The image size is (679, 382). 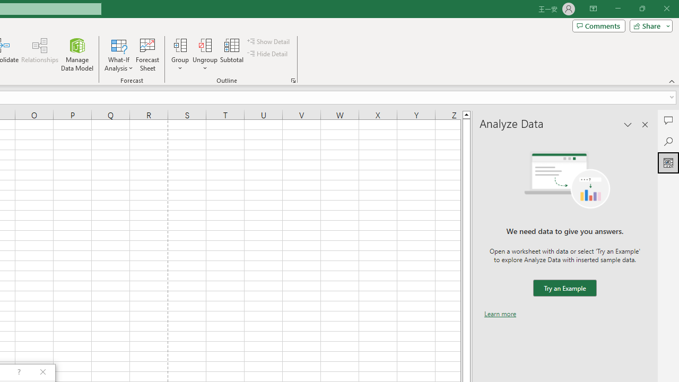 What do you see at coordinates (645, 124) in the screenshot?
I see `'Close pane'` at bounding box center [645, 124].